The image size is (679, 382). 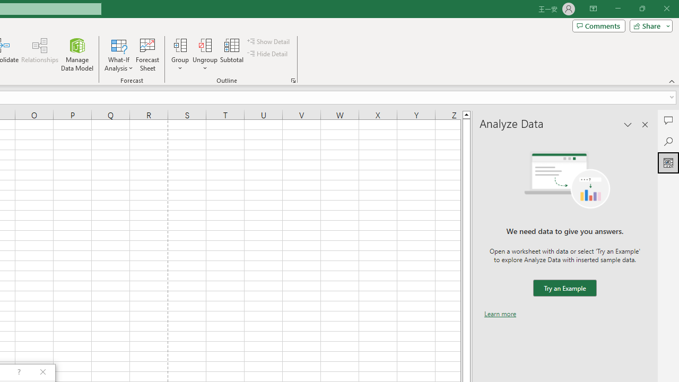 What do you see at coordinates (645, 124) in the screenshot?
I see `'Close pane'` at bounding box center [645, 124].